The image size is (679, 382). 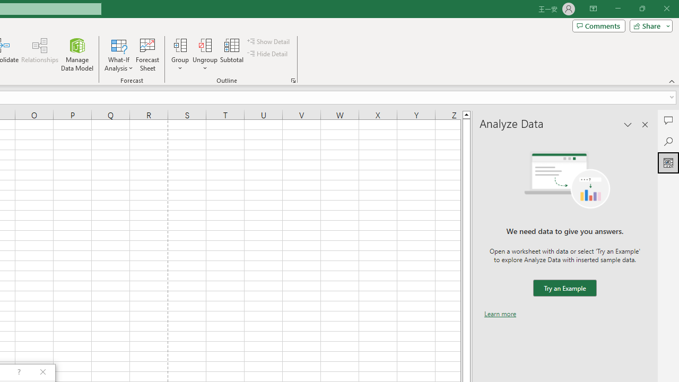 What do you see at coordinates (645, 124) in the screenshot?
I see `'Close pane'` at bounding box center [645, 124].